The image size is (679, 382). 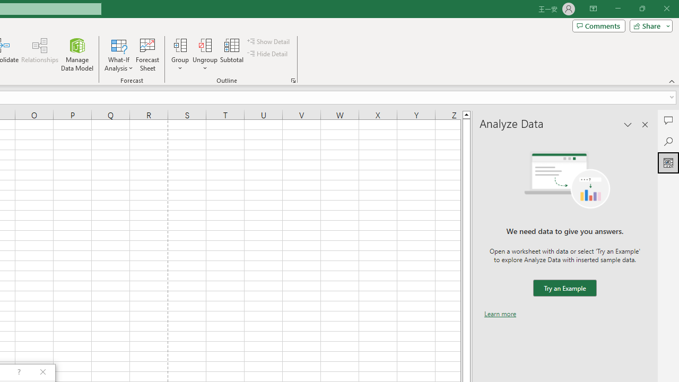 What do you see at coordinates (645, 124) in the screenshot?
I see `'Close pane'` at bounding box center [645, 124].